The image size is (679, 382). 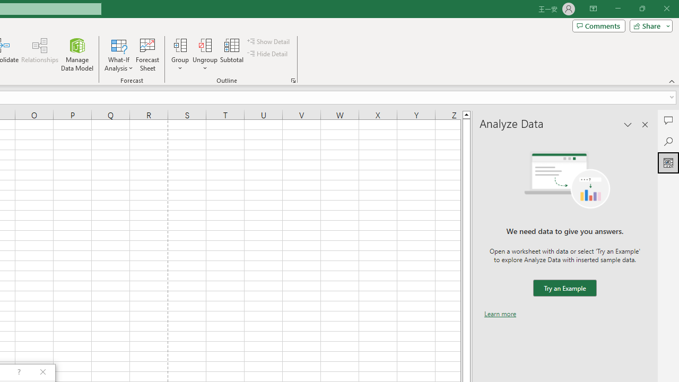 What do you see at coordinates (645, 124) in the screenshot?
I see `'Close pane'` at bounding box center [645, 124].